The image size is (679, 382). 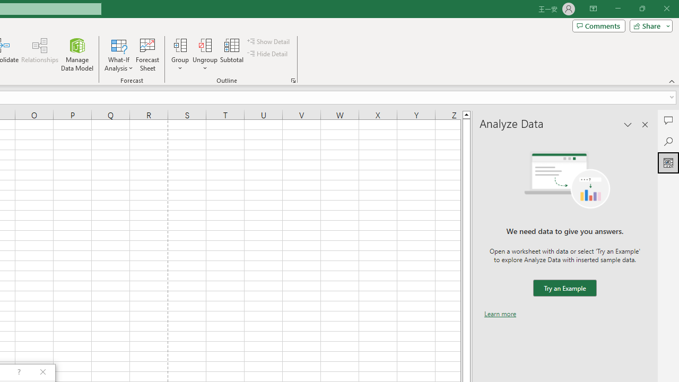 What do you see at coordinates (645, 124) in the screenshot?
I see `'Close pane'` at bounding box center [645, 124].